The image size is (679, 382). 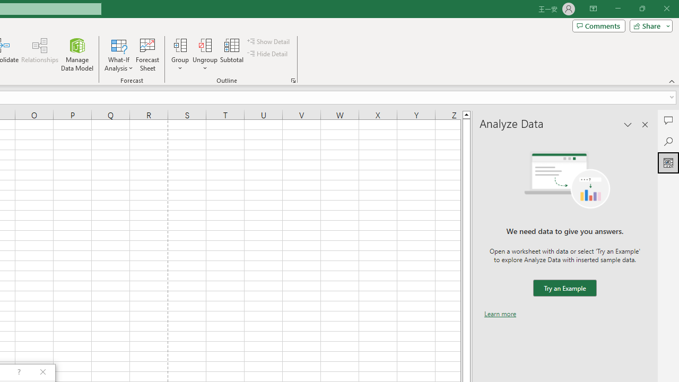 What do you see at coordinates (645, 124) in the screenshot?
I see `'Close pane'` at bounding box center [645, 124].